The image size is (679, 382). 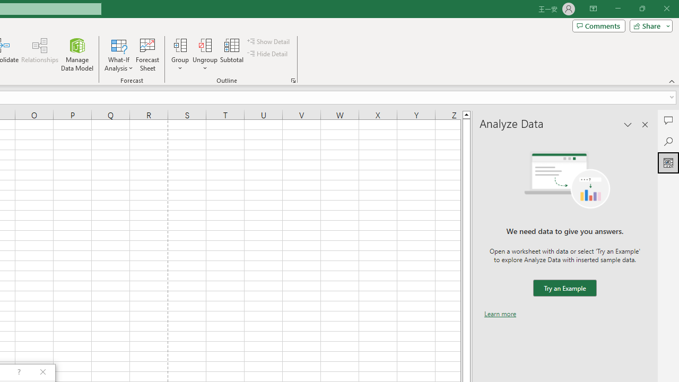 What do you see at coordinates (645, 124) in the screenshot?
I see `'Close pane'` at bounding box center [645, 124].